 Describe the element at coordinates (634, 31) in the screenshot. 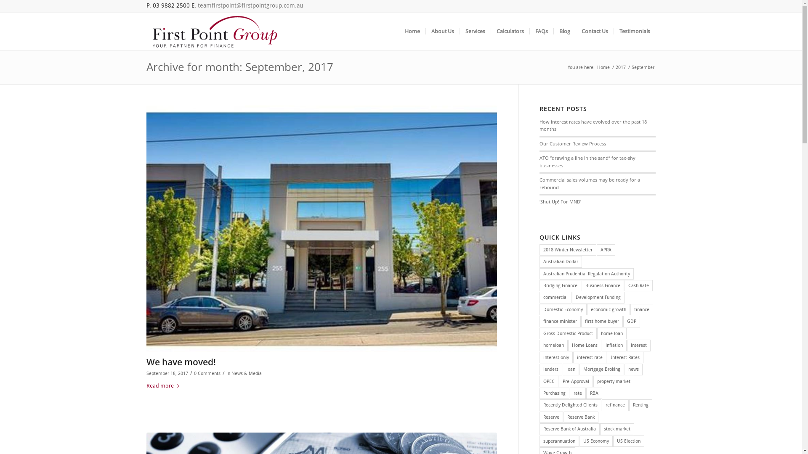

I see `'Testimonials'` at that location.